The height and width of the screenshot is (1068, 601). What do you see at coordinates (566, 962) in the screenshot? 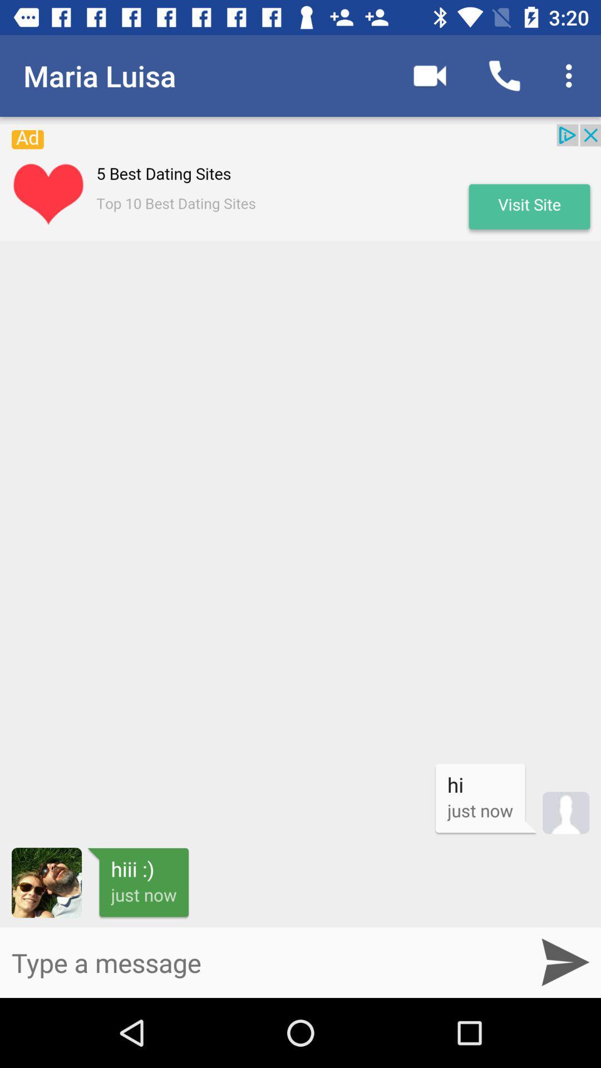
I see `the send icon` at bounding box center [566, 962].